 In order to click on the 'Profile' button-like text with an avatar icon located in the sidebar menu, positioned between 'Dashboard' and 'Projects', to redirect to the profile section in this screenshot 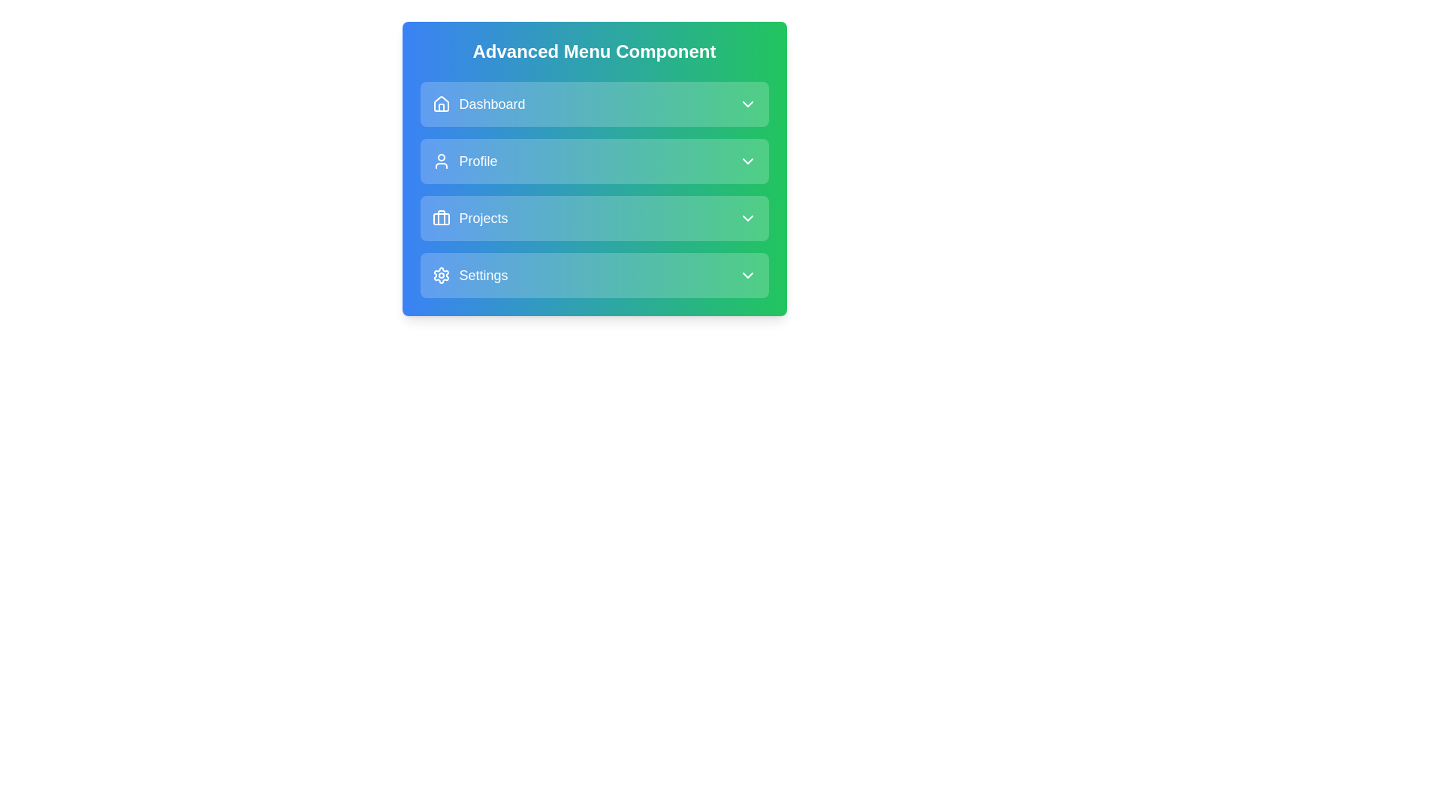, I will do `click(464, 161)`.